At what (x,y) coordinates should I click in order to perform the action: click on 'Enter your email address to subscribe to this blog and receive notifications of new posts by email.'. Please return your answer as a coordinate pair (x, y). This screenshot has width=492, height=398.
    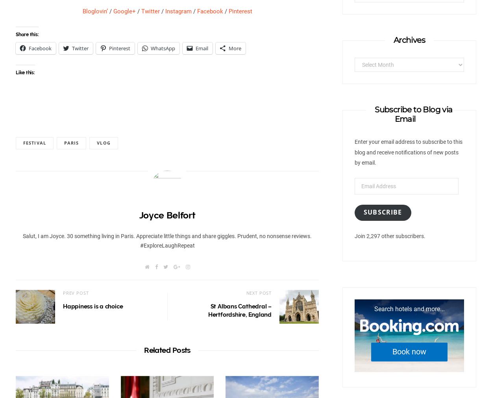
    Looking at the image, I should click on (355, 152).